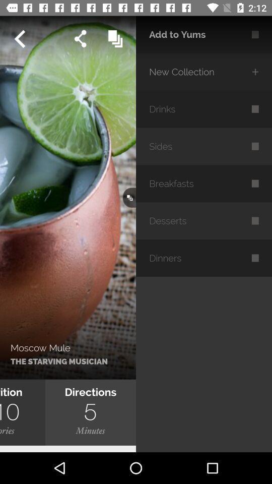  What do you see at coordinates (19, 39) in the screenshot?
I see `the arrow_backward icon` at bounding box center [19, 39].